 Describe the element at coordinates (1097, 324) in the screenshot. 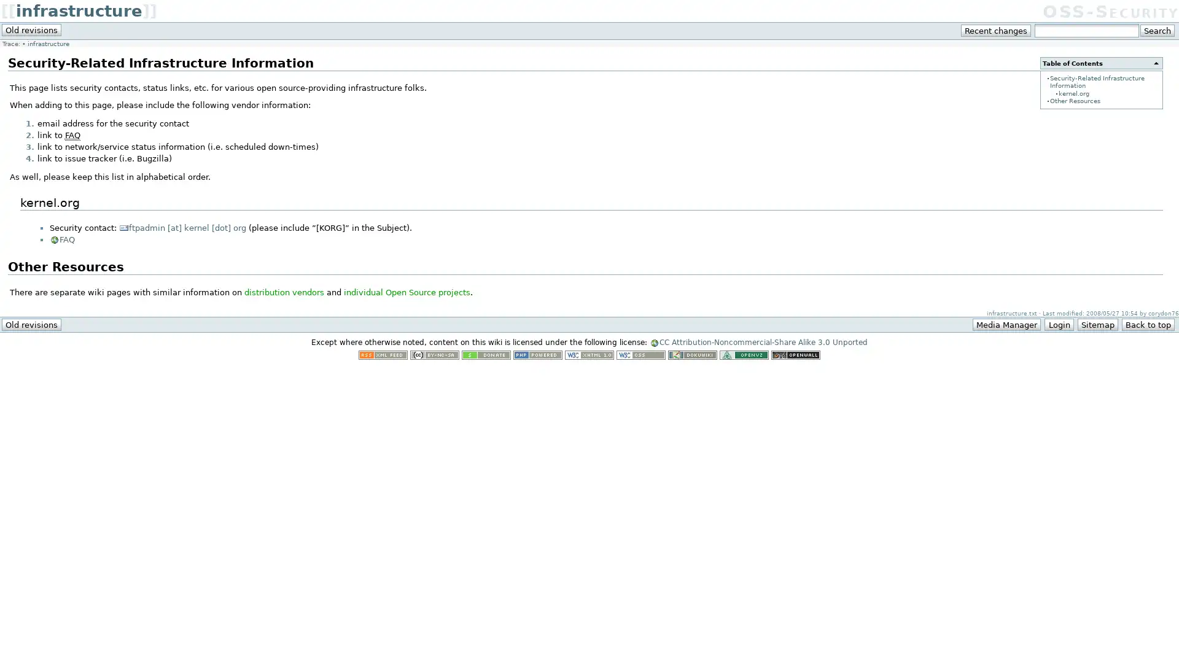

I see `Sitemap` at that location.